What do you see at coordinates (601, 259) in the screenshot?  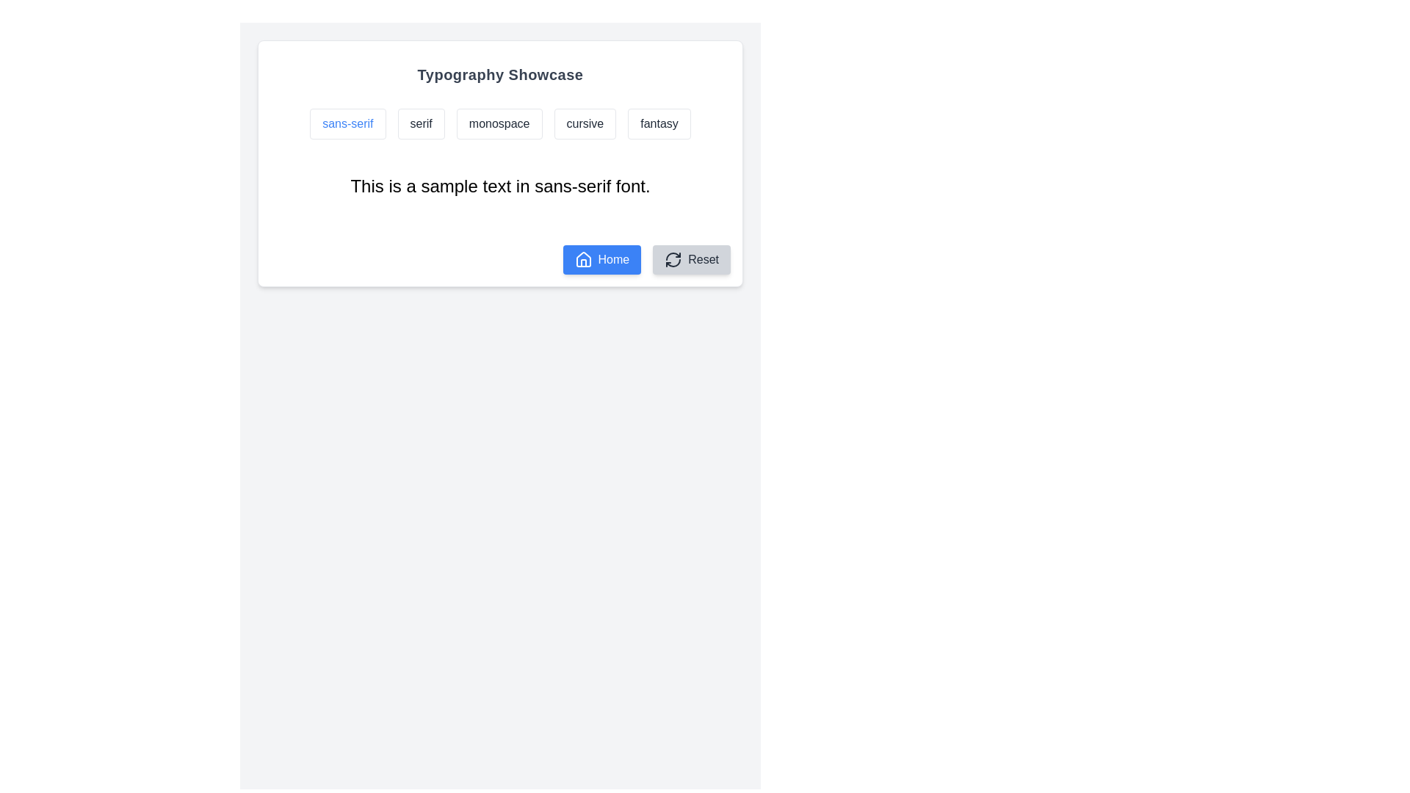 I see `the blue 'Home' button with a house icon` at bounding box center [601, 259].